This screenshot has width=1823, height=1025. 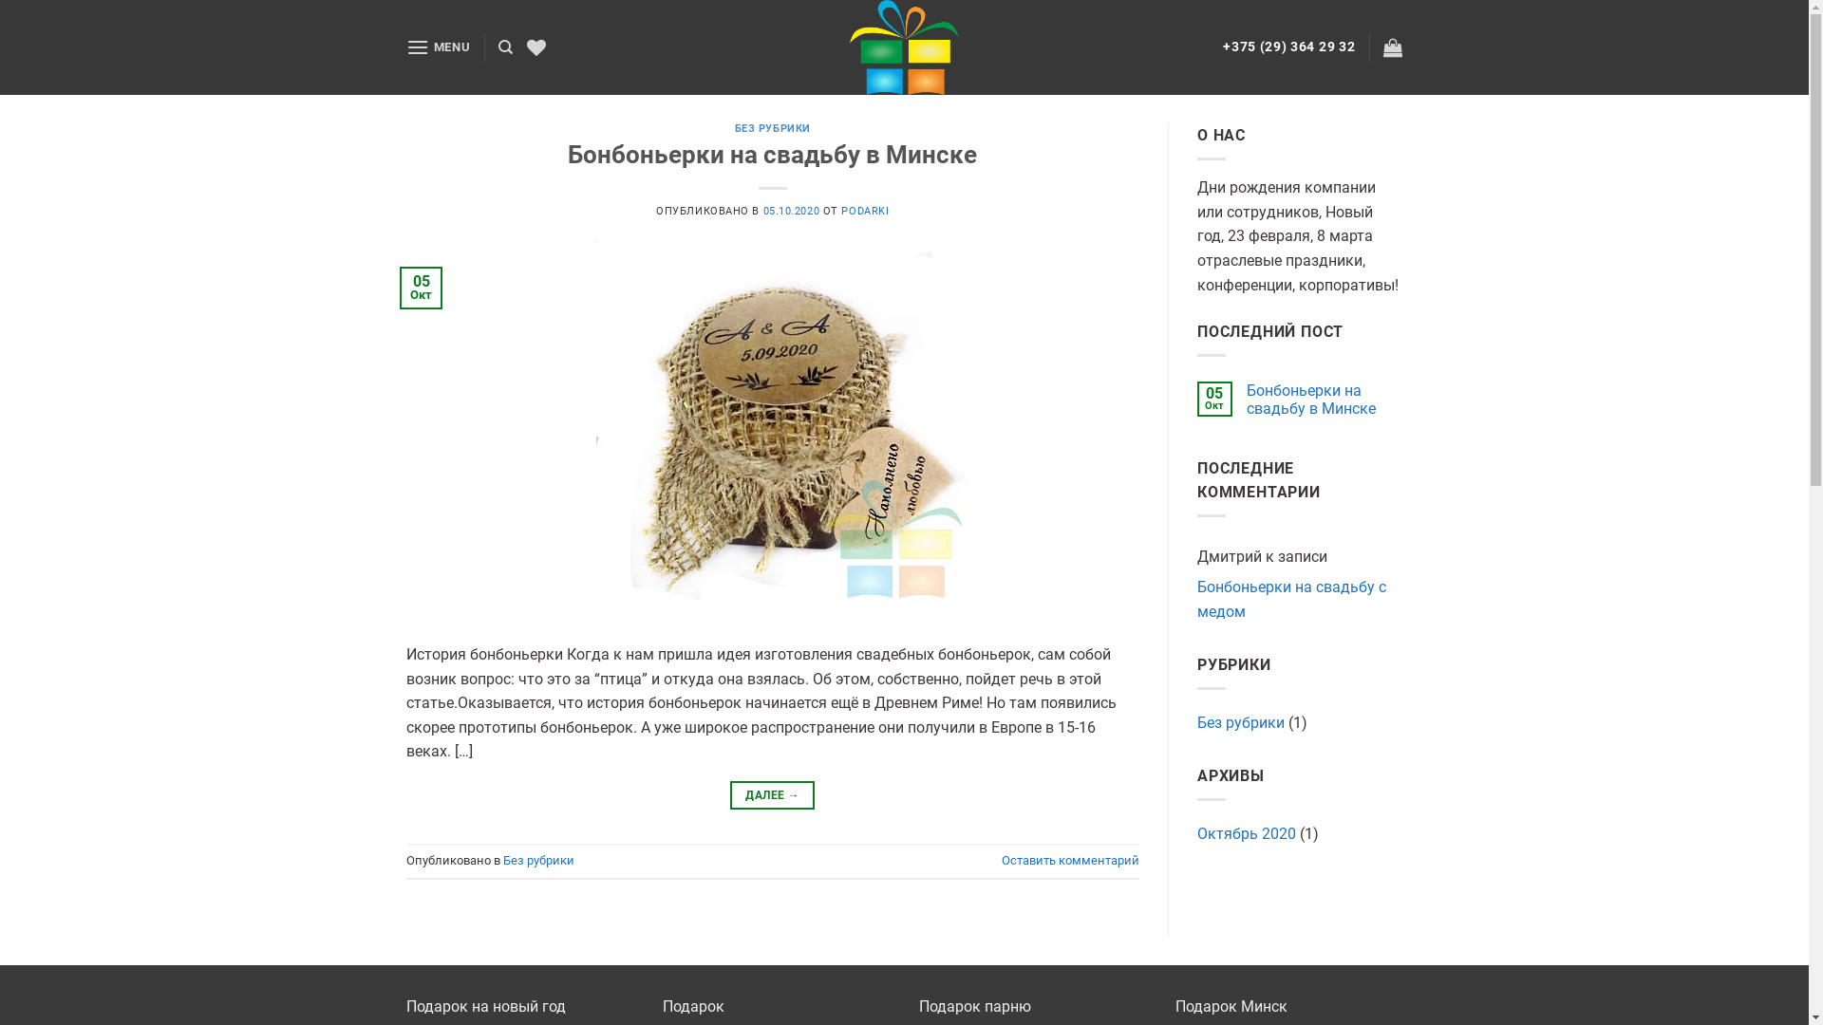 What do you see at coordinates (902, 47) in the screenshot?
I see `'podarki-gifts.by - podarki-gifts.by'` at bounding box center [902, 47].